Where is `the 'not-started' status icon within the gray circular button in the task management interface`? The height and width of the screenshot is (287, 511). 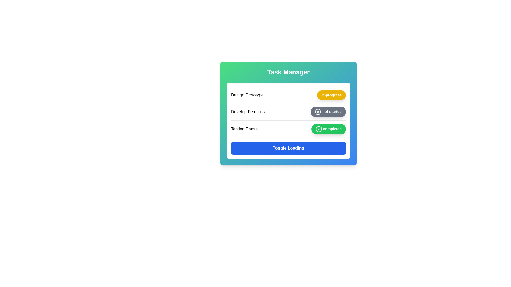 the 'not-started' status icon within the gray circular button in the task management interface is located at coordinates (318, 111).